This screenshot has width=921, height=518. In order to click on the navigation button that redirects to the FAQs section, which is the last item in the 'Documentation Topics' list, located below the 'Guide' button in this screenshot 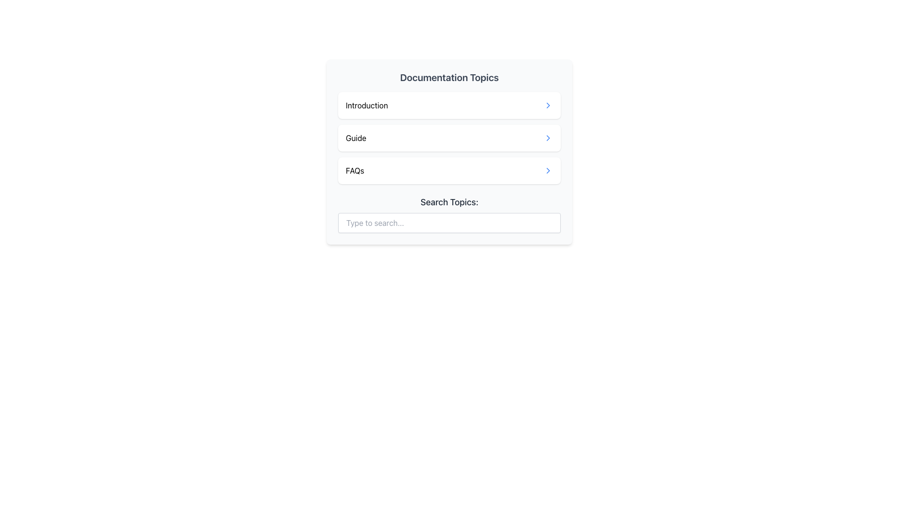, I will do `click(449, 170)`.